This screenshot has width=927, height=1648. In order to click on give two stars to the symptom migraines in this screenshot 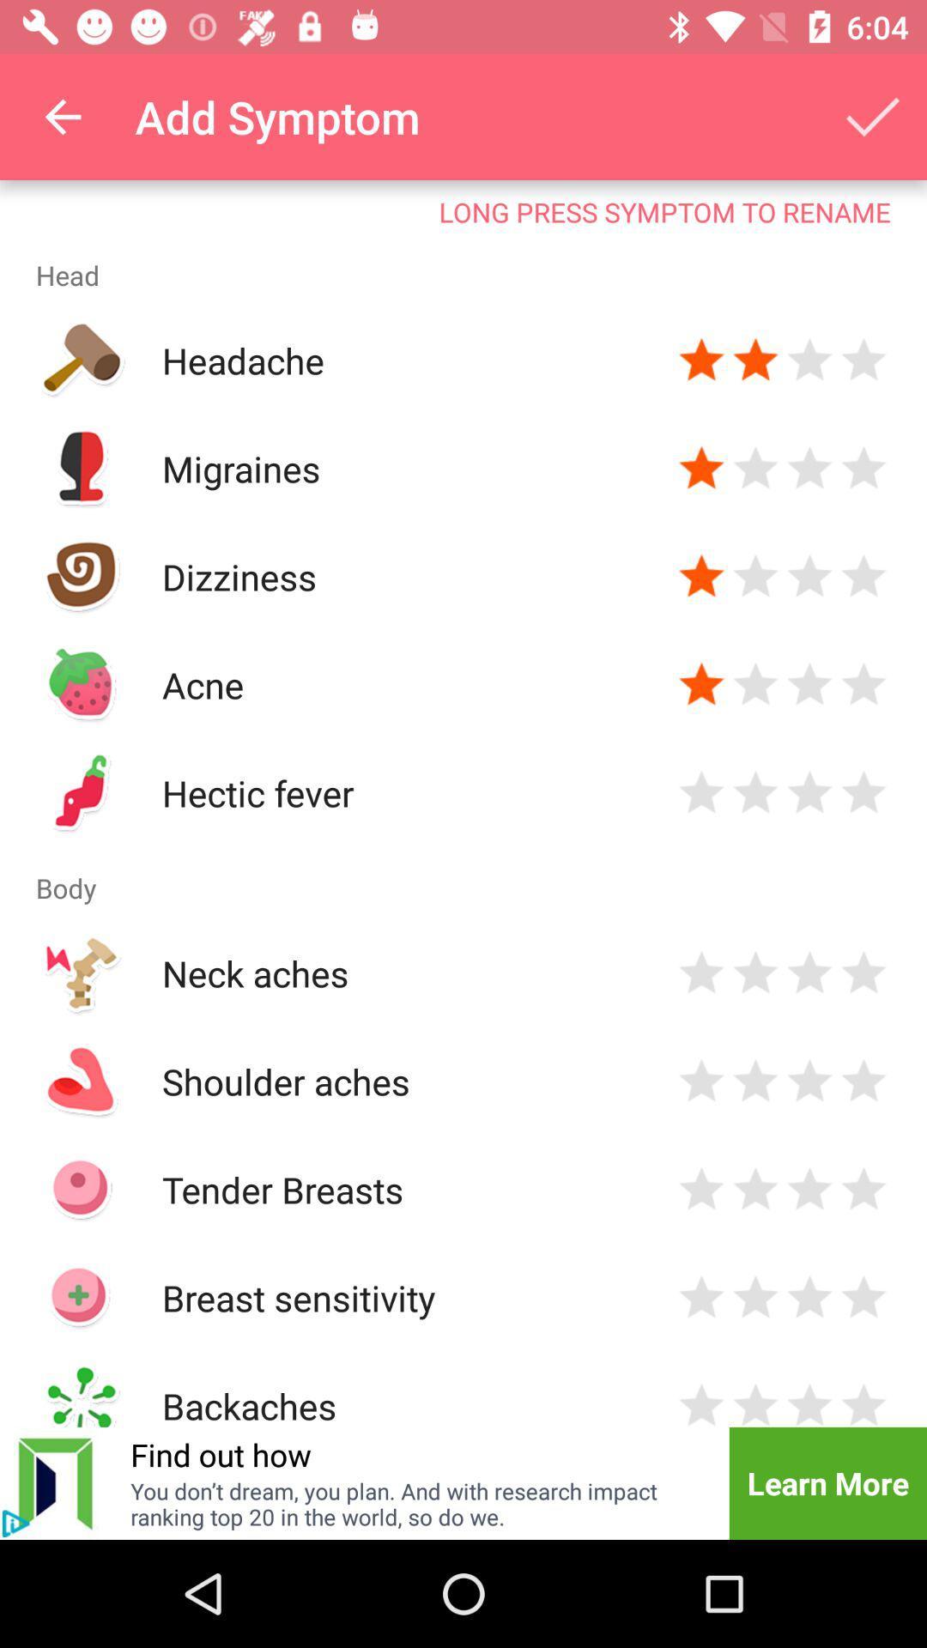, I will do `click(754, 469)`.